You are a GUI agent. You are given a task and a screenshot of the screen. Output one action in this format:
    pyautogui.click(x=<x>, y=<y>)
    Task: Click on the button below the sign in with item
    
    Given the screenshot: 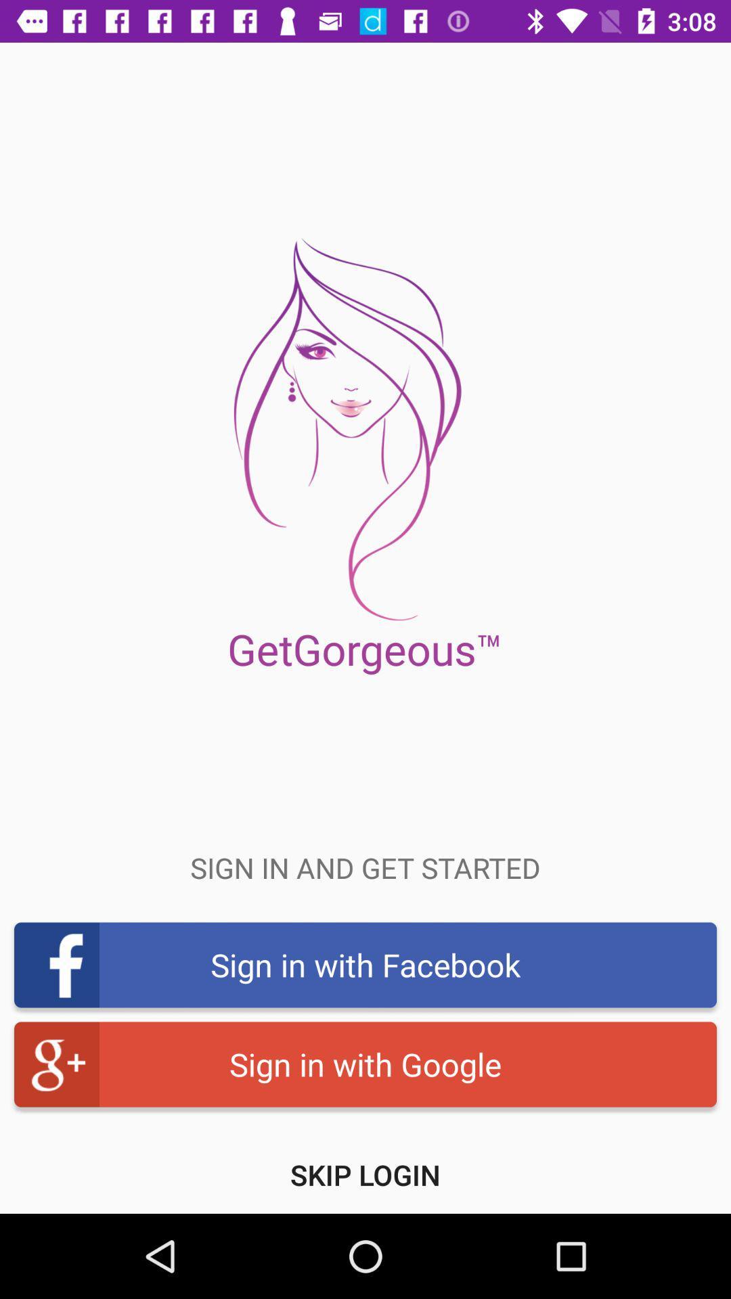 What is the action you would take?
    pyautogui.click(x=365, y=1174)
    